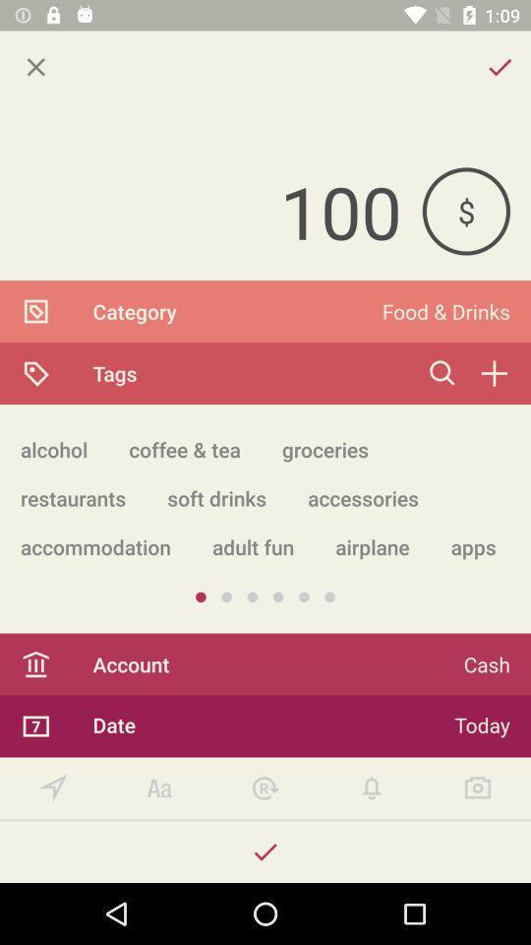 The width and height of the screenshot is (531, 945). What do you see at coordinates (72, 497) in the screenshot?
I see `the restaurants item` at bounding box center [72, 497].